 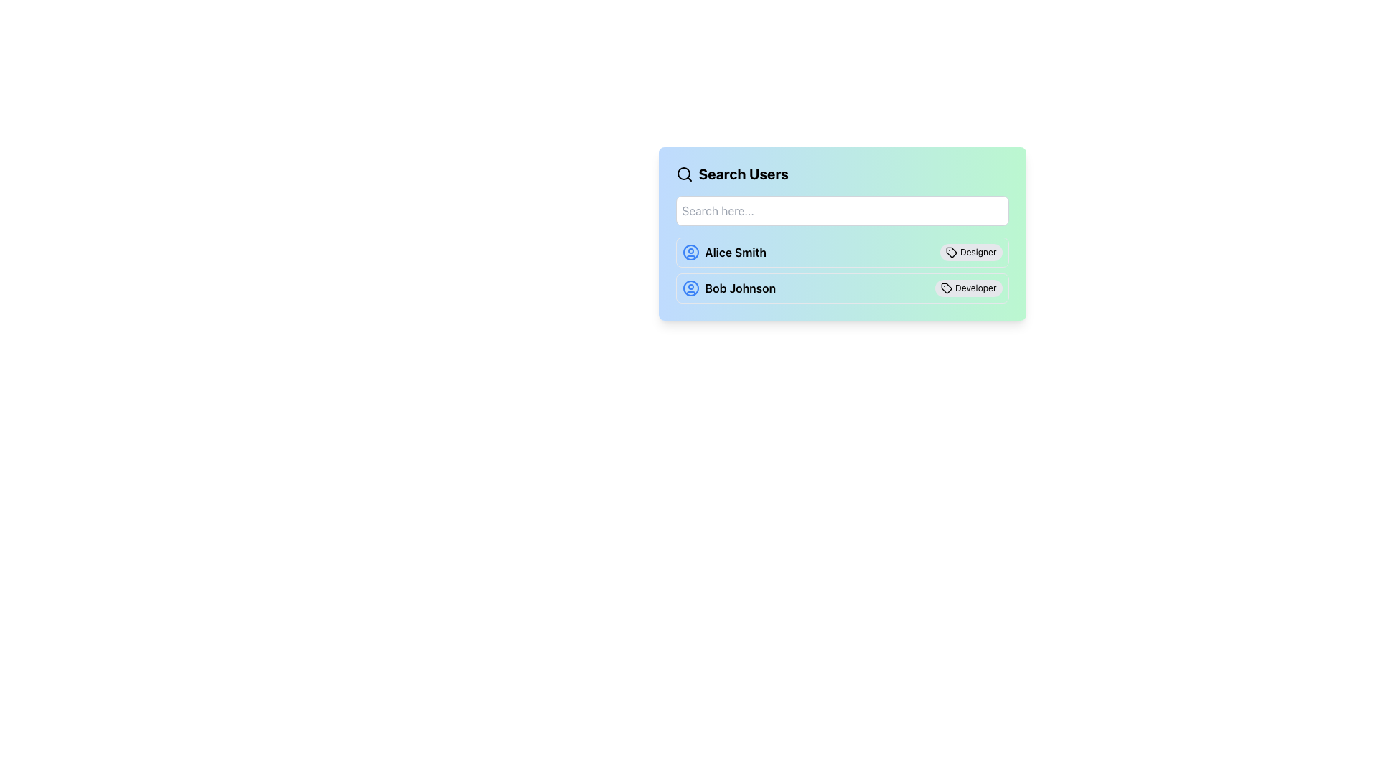 What do you see at coordinates (736, 251) in the screenshot?
I see `the text label reading 'Alice Smith' which is styled in bold font and located beside a circular user profile icon in the 'Search Users' section` at bounding box center [736, 251].